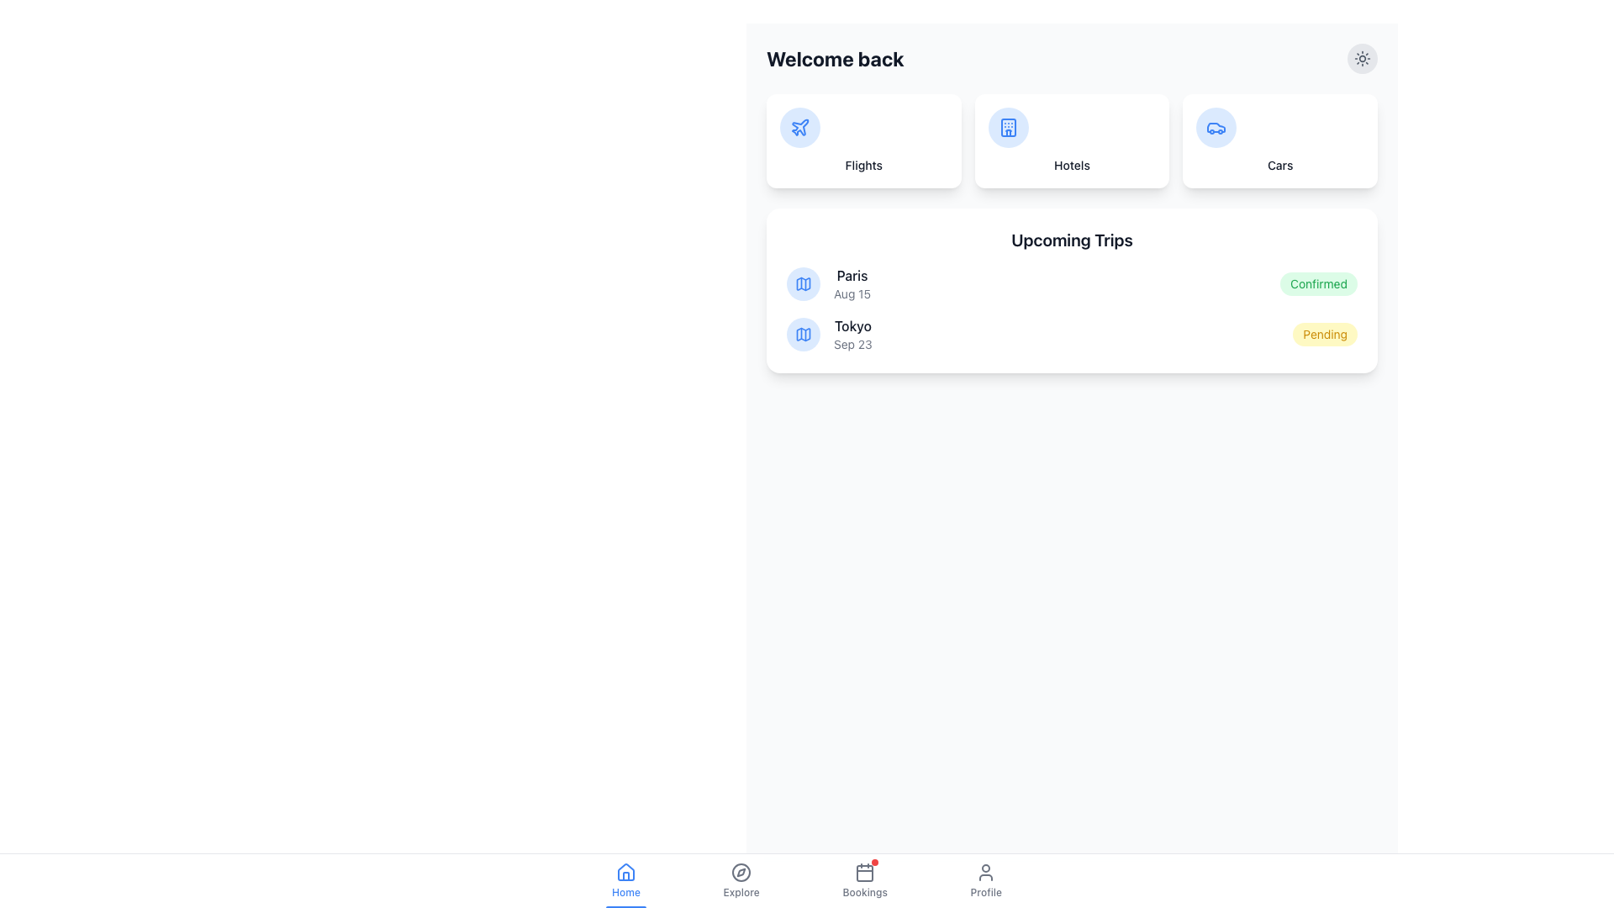  I want to click on the text display indicating the upcoming trip to Tokyo on September 23, which is the second item in the list of 'Upcoming Trips', so click(852, 334).